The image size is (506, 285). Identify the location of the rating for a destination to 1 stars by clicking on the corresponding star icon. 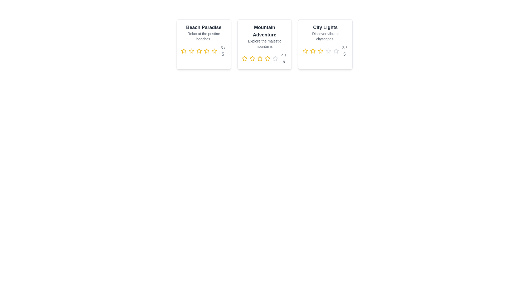
(184, 51).